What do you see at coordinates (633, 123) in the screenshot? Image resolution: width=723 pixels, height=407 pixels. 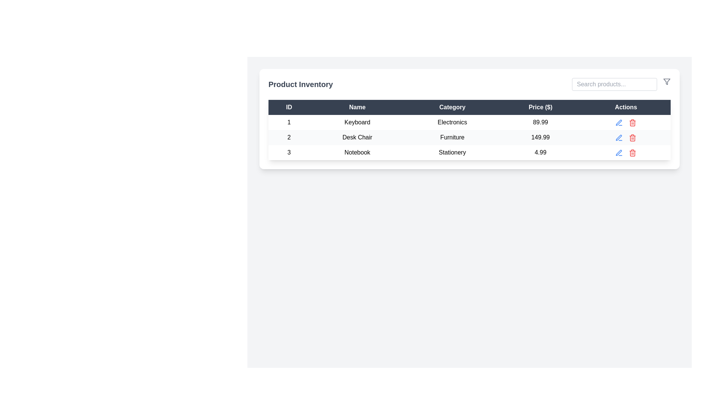 I see `the rectangular outline of the trash icon's main body in the 'Actions' column of the table` at bounding box center [633, 123].